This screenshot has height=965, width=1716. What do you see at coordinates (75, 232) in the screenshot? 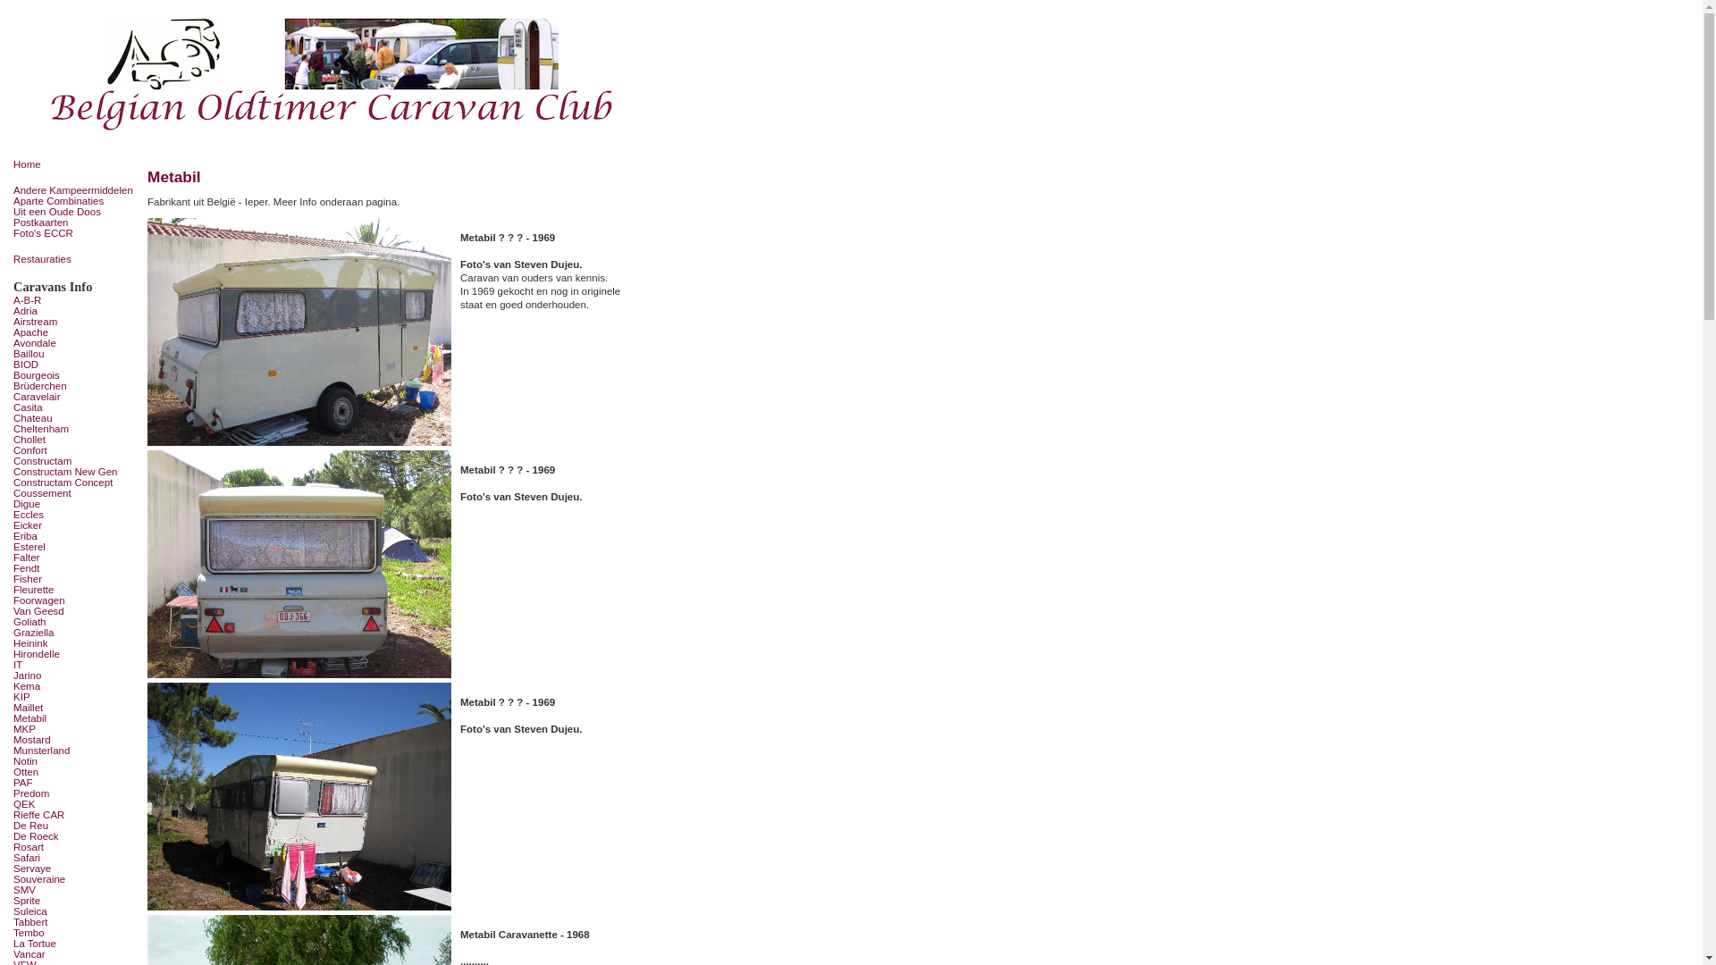
I see `'Foto's ECCR'` at bounding box center [75, 232].